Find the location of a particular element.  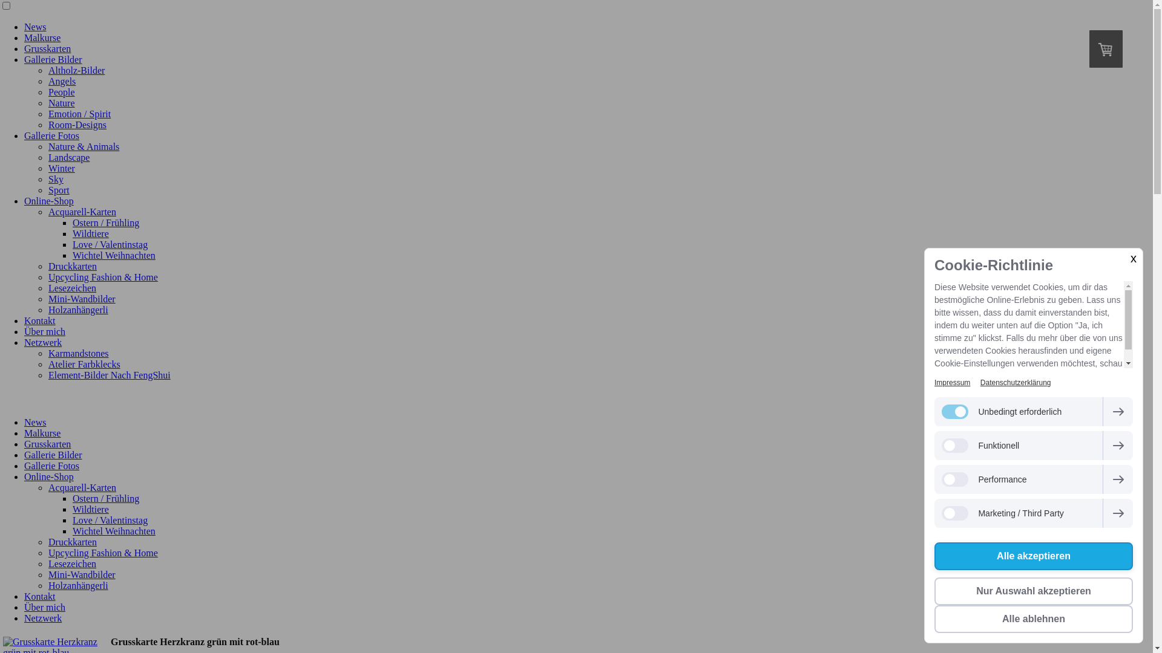

'Wildtiere' is located at coordinates (90, 233).